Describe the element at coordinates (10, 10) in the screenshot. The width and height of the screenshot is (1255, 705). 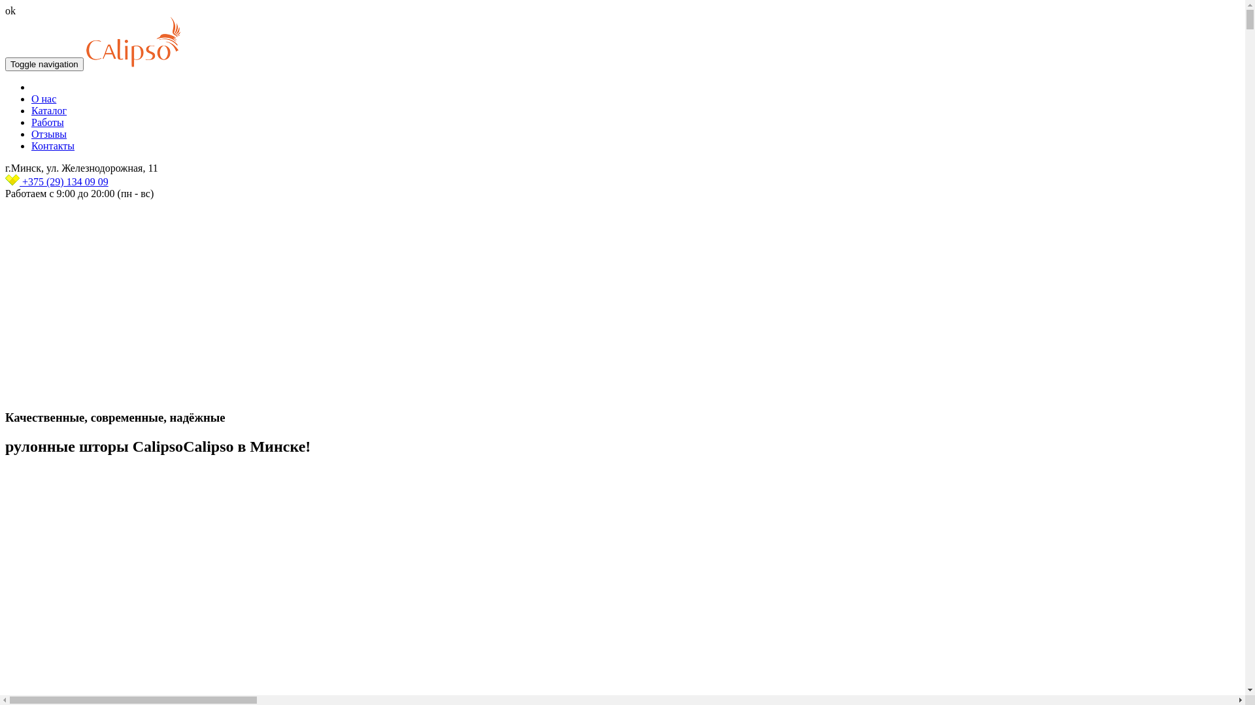
I see `'ok'` at that location.